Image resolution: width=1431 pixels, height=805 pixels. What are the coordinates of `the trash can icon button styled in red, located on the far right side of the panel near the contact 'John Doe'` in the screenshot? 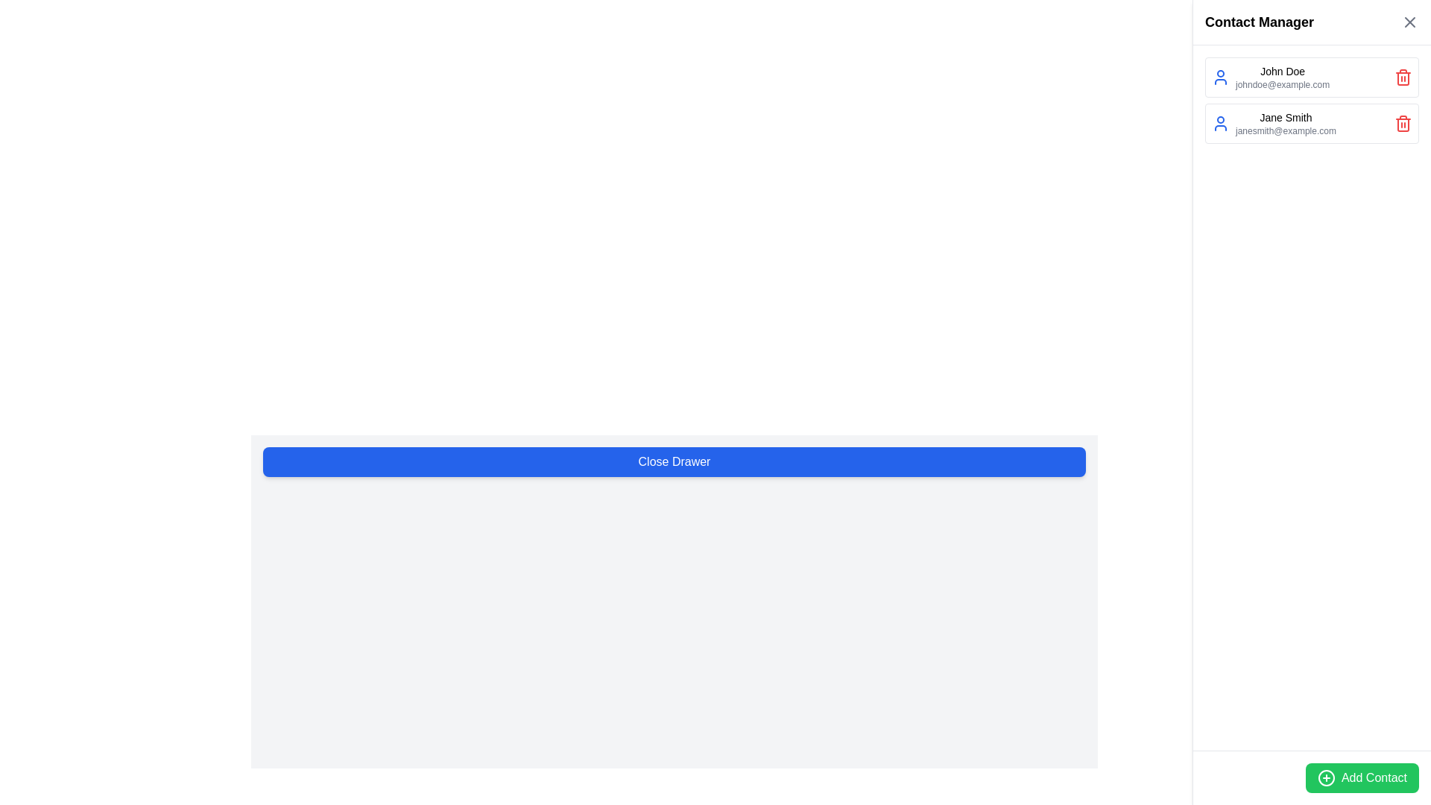 It's located at (1402, 78).